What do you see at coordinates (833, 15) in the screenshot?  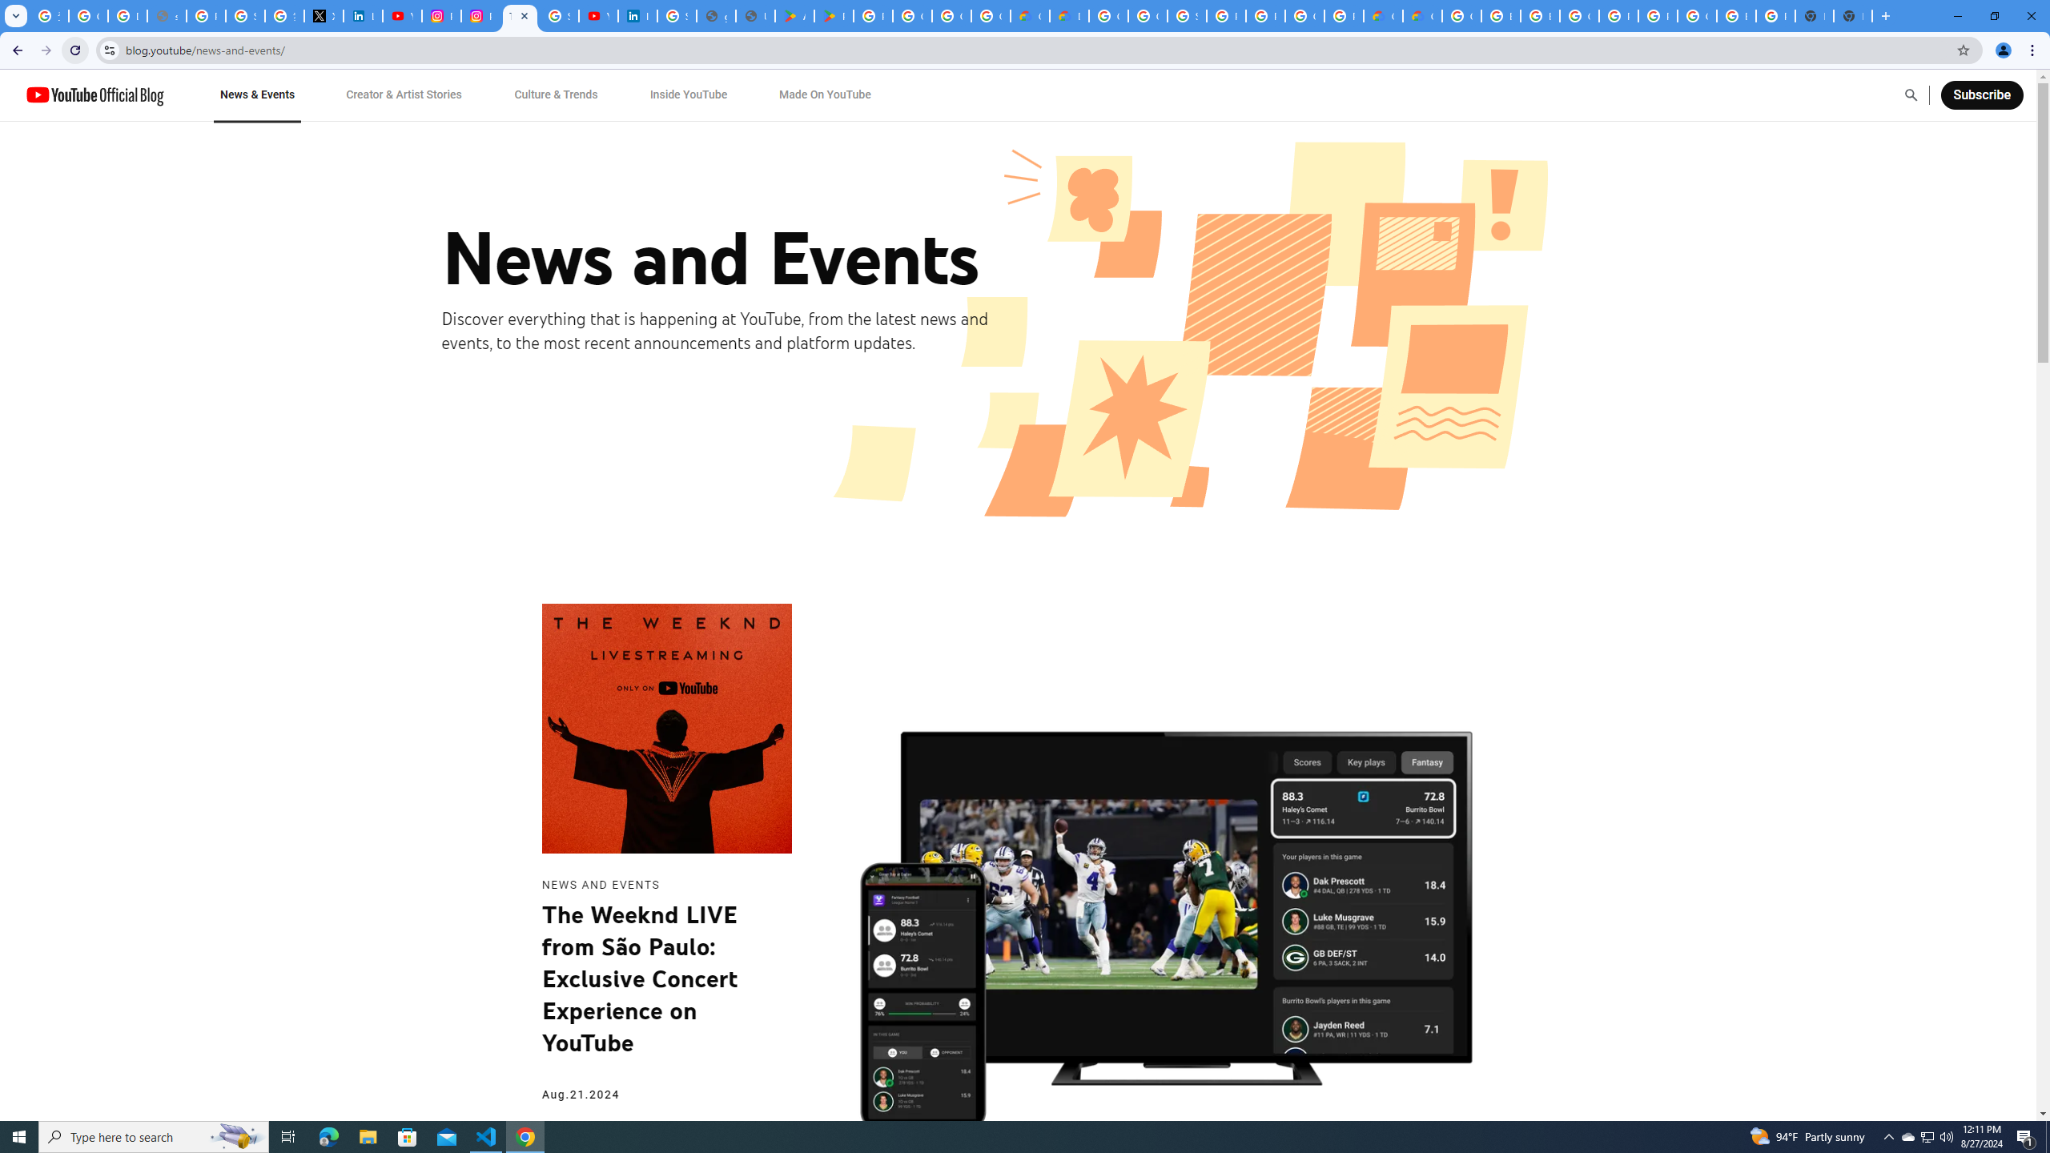 I see `'PAW Patrol Rescue World - Apps on Google Play'` at bounding box center [833, 15].